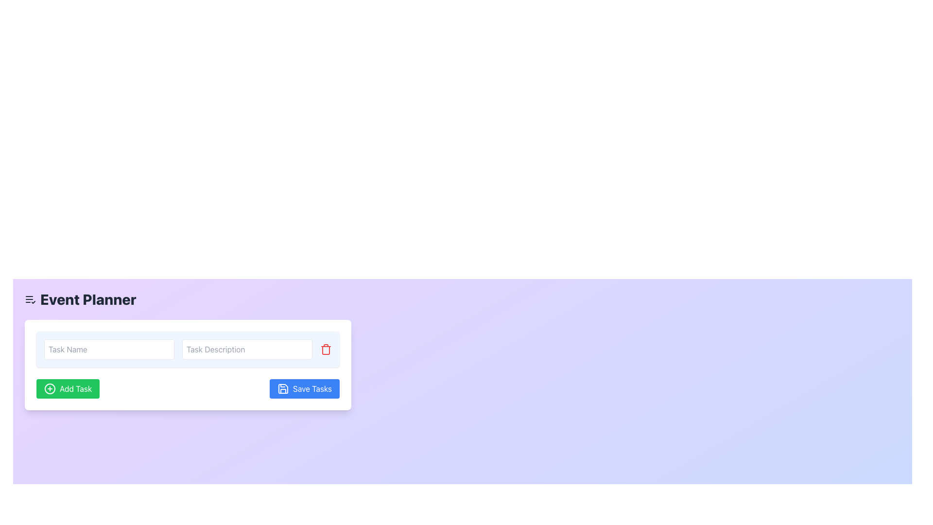 The image size is (933, 525). I want to click on the small vector graphic icon featuring three horizontal lines and a checkmark, which is styled in black against a light lavender background, located immediately to the left of the text 'Event Planner', so click(30, 299).